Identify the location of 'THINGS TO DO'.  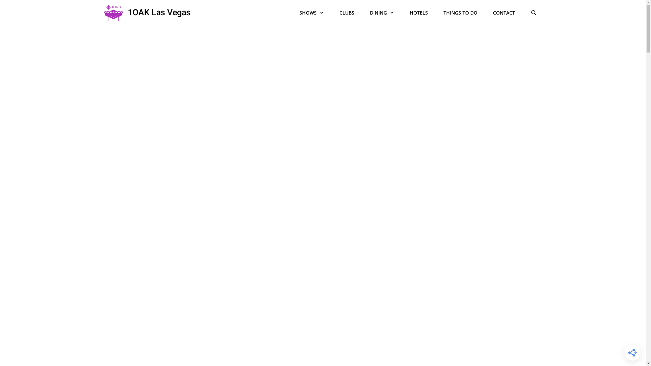
(460, 13).